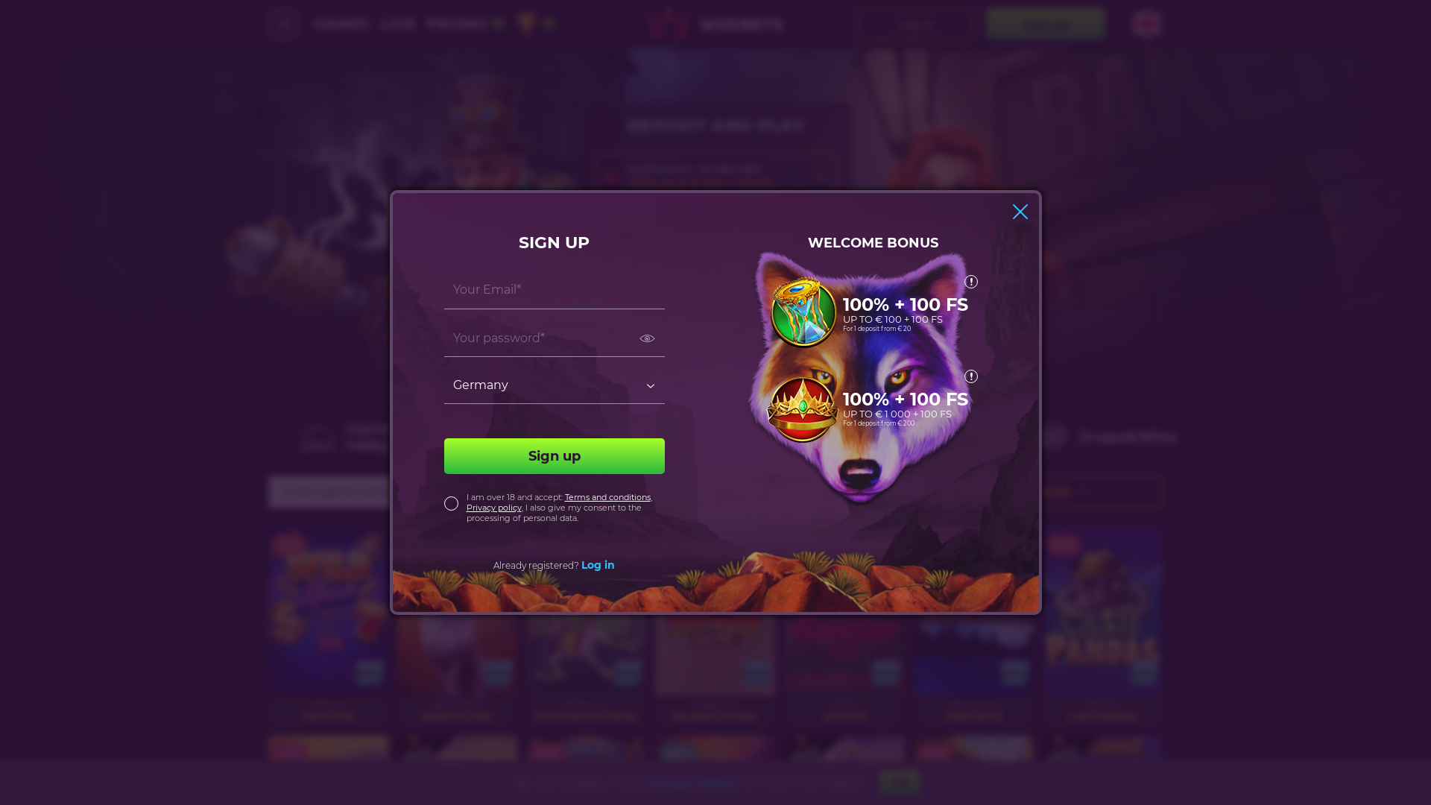 This screenshot has width=1431, height=805. What do you see at coordinates (593, 269) in the screenshot?
I see `'Deposit'` at bounding box center [593, 269].